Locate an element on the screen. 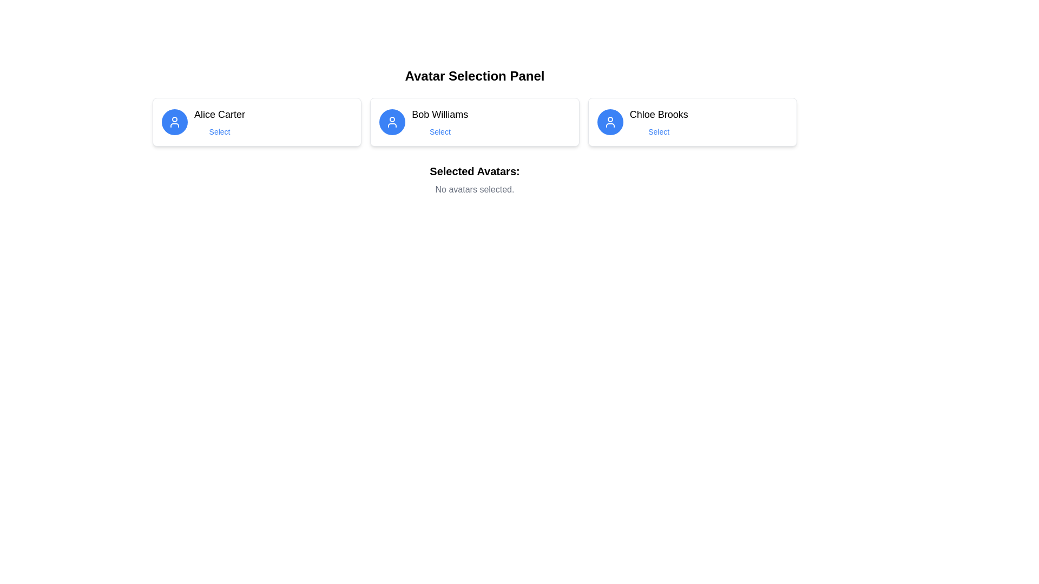  the user avatar icon, which is the first in a row of avatars, outlined in blue, above the label 'Alice Carter' is located at coordinates (174, 122).